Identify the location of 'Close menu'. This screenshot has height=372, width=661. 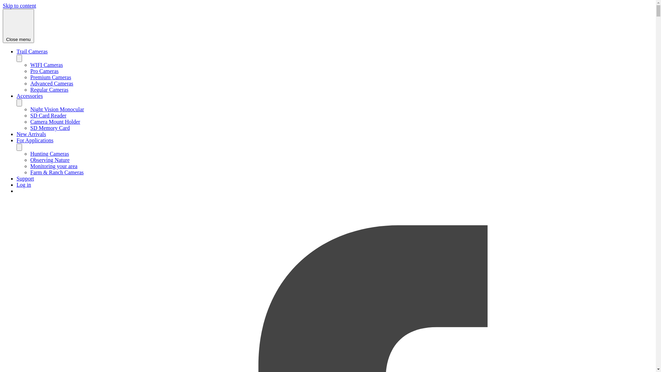
(18, 25).